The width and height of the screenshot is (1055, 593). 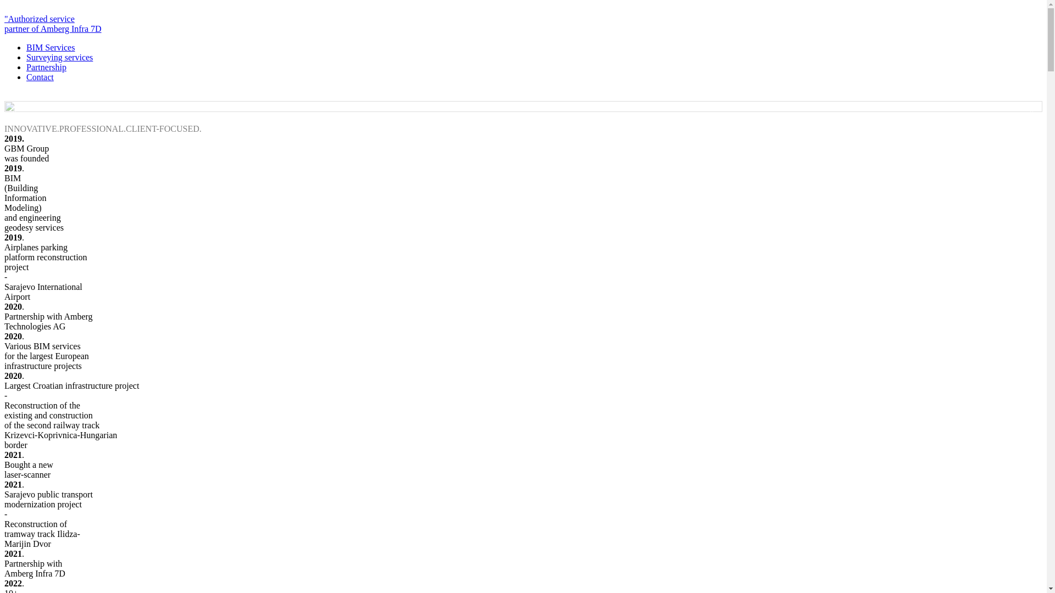 What do you see at coordinates (40, 76) in the screenshot?
I see `'Contact'` at bounding box center [40, 76].